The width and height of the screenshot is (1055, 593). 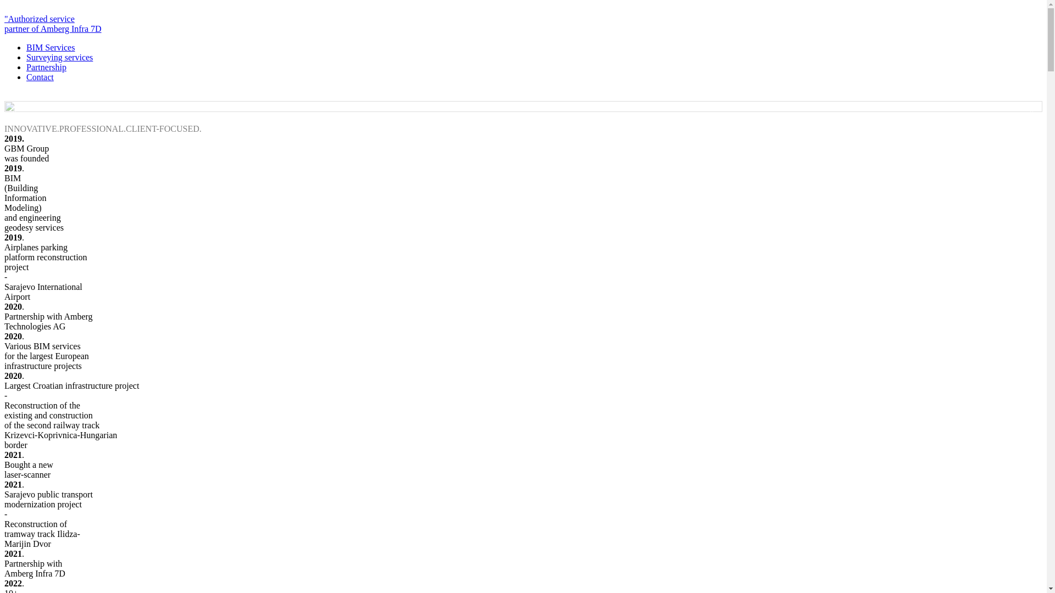 What do you see at coordinates (40, 76) in the screenshot?
I see `'Contact'` at bounding box center [40, 76].